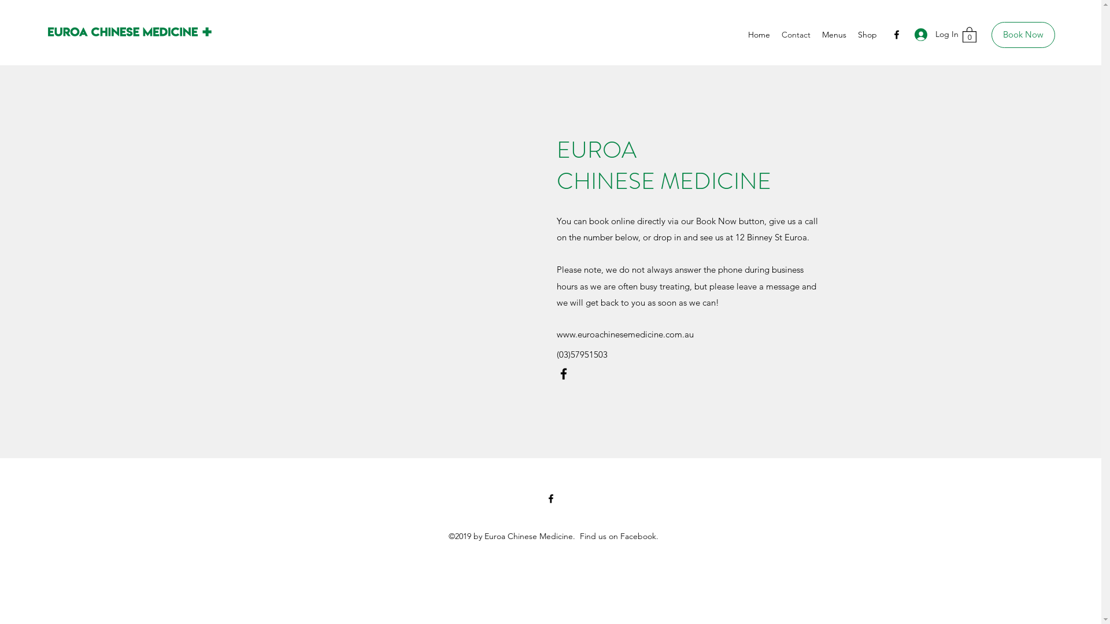 The width and height of the screenshot is (1110, 624). Describe the element at coordinates (834, 34) in the screenshot. I see `'Menus'` at that location.